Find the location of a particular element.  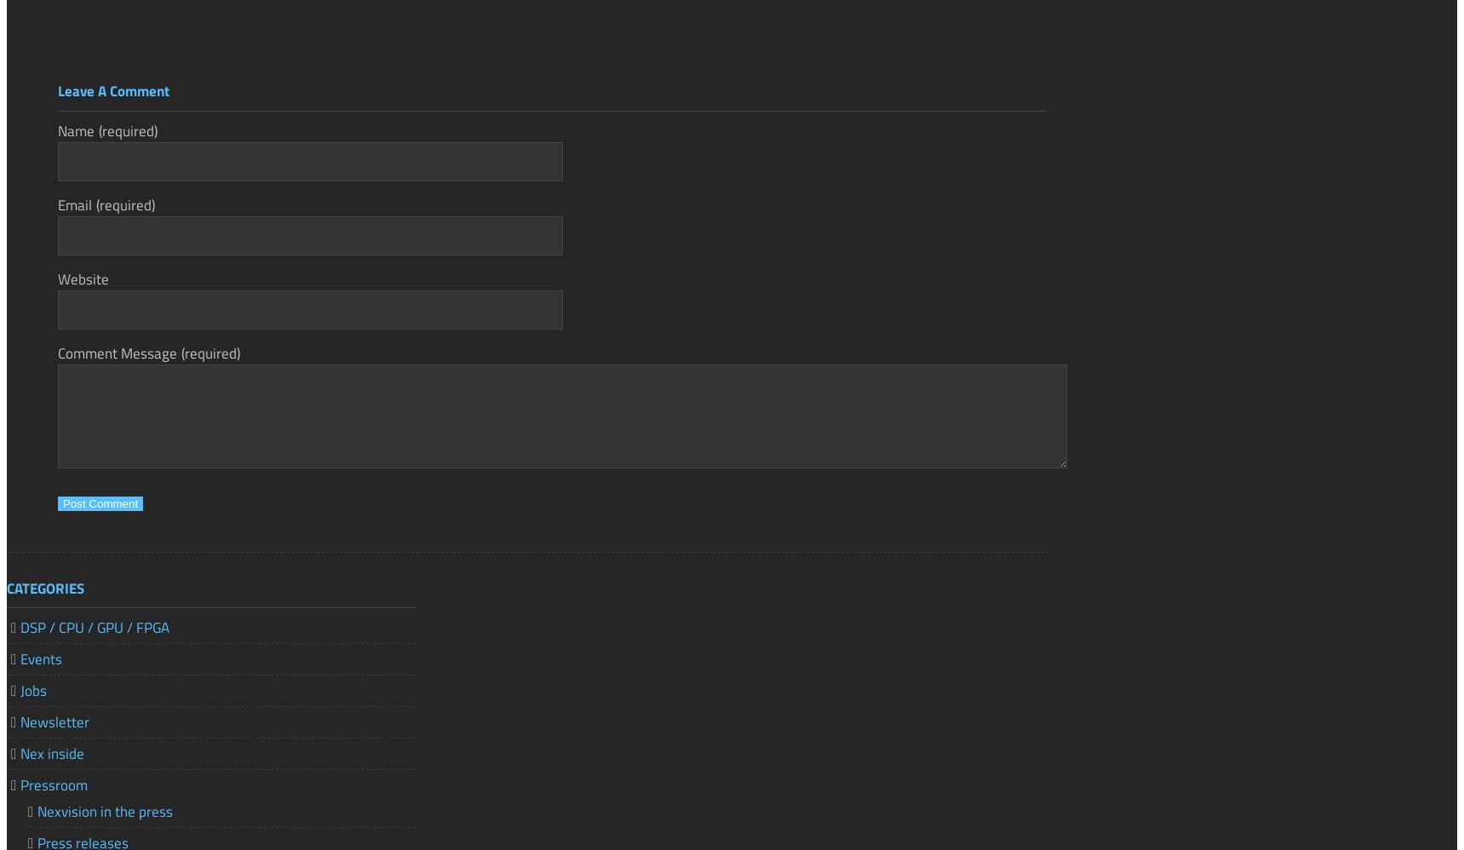

'Nex inside' is located at coordinates (51, 752).